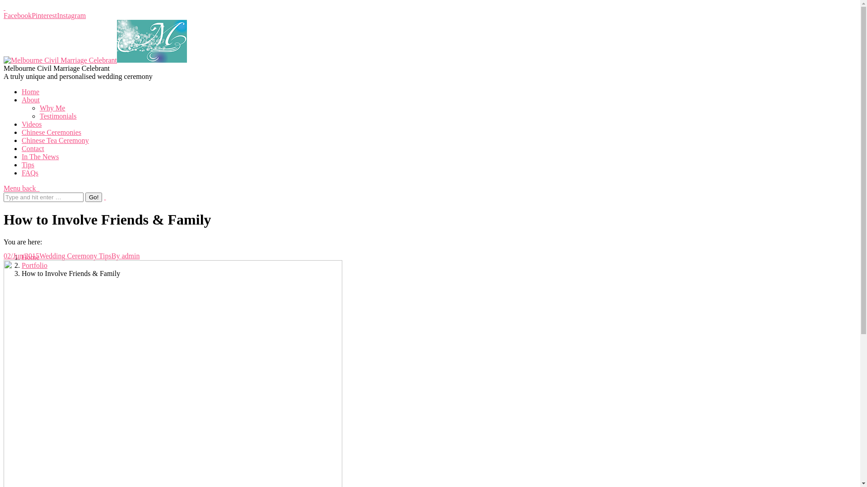 The width and height of the screenshot is (867, 487). I want to click on 'Contact', so click(33, 148).